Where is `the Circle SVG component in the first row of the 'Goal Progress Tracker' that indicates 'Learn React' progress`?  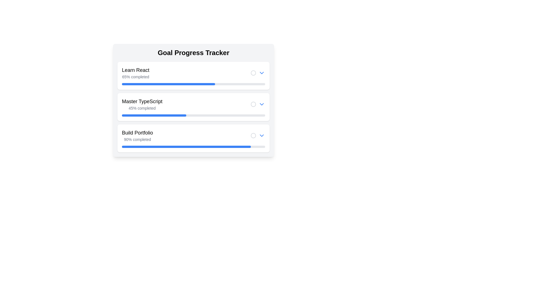
the Circle SVG component in the first row of the 'Goal Progress Tracker' that indicates 'Learn React' progress is located at coordinates (253, 73).